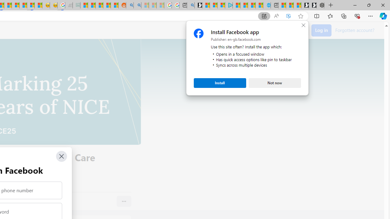  Describe the element at coordinates (275, 83) in the screenshot. I see `'Not now'` at that location.